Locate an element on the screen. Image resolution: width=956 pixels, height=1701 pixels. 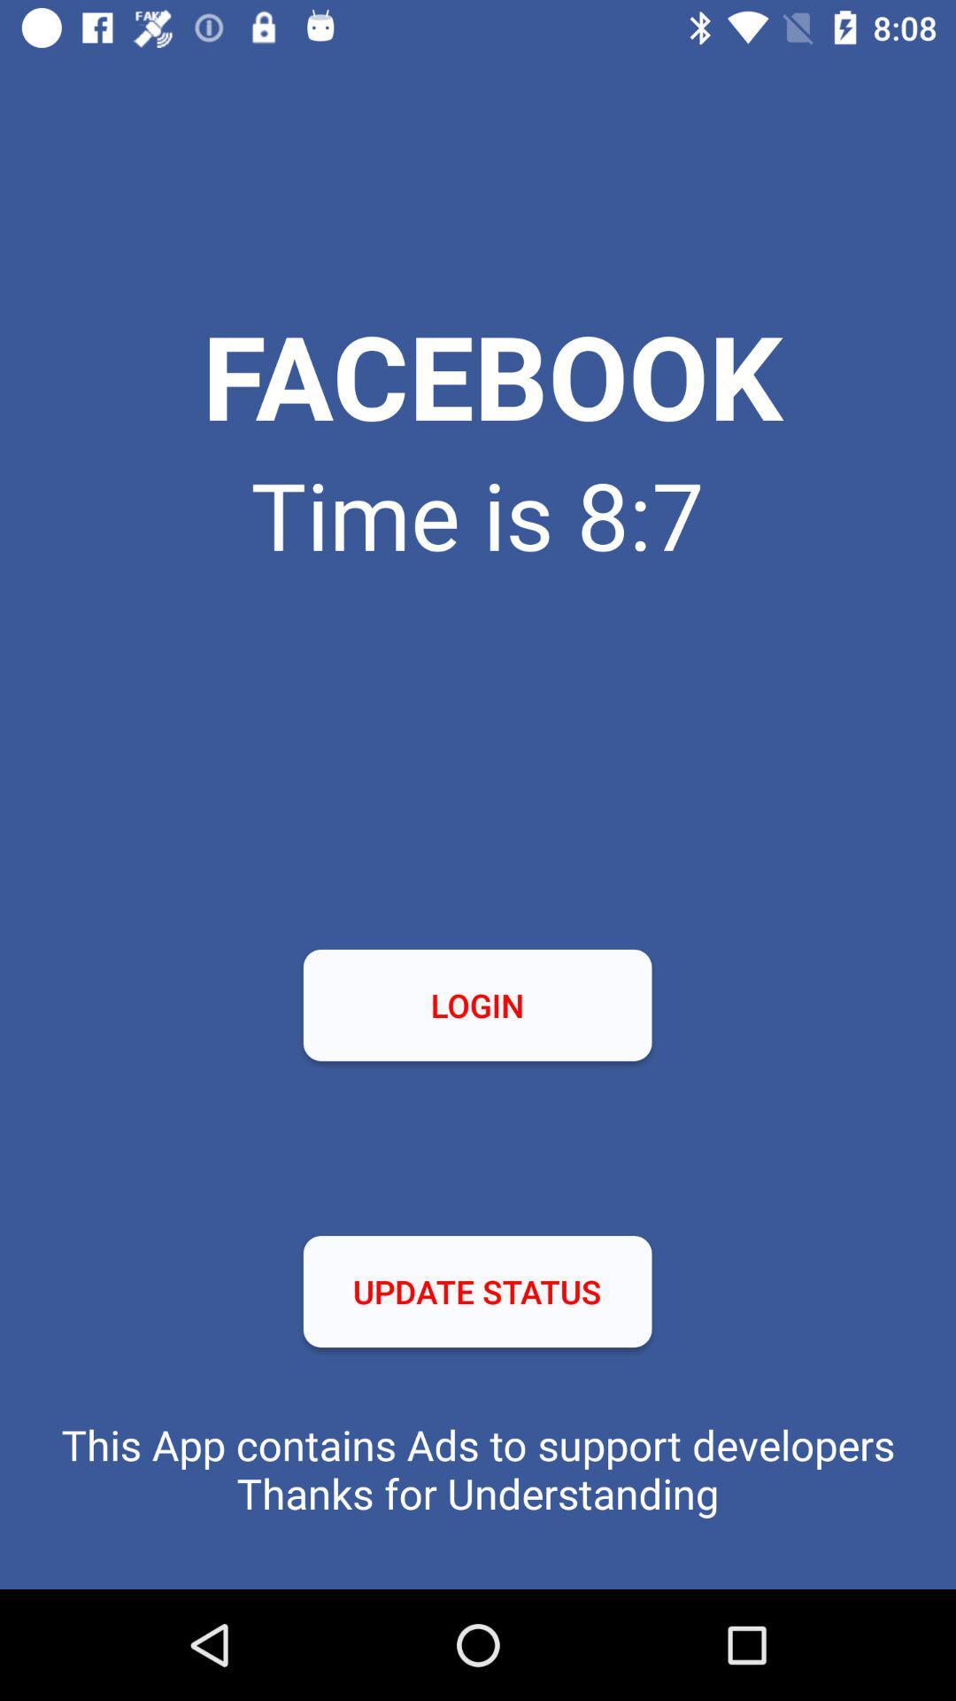
the app above this app contains item is located at coordinates (476, 1292).